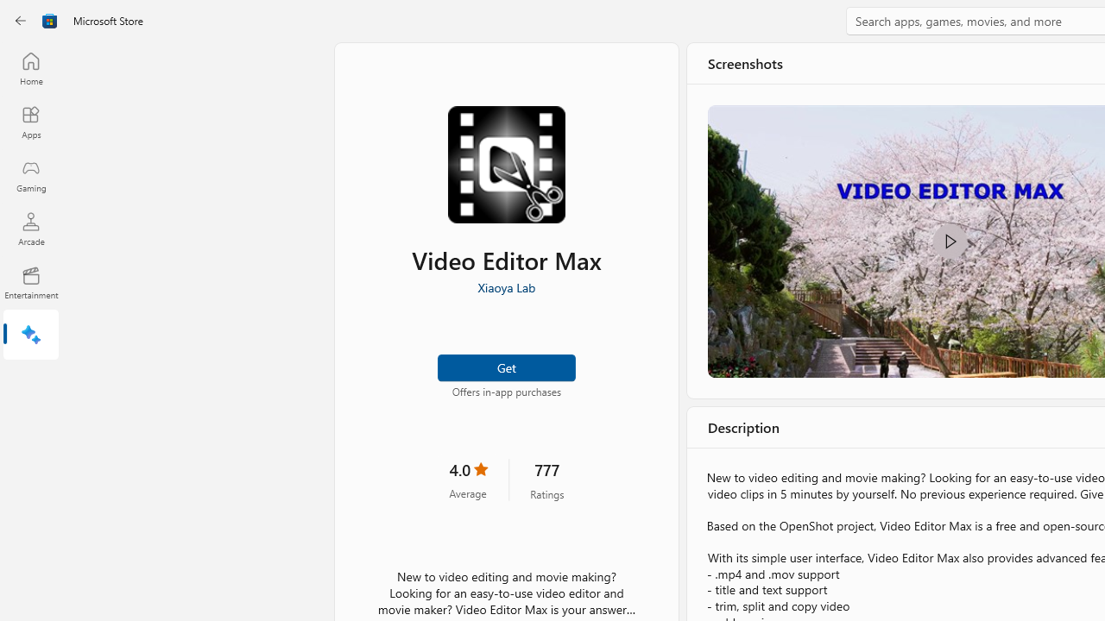 The width and height of the screenshot is (1105, 621). I want to click on 'Home', so click(30, 67).